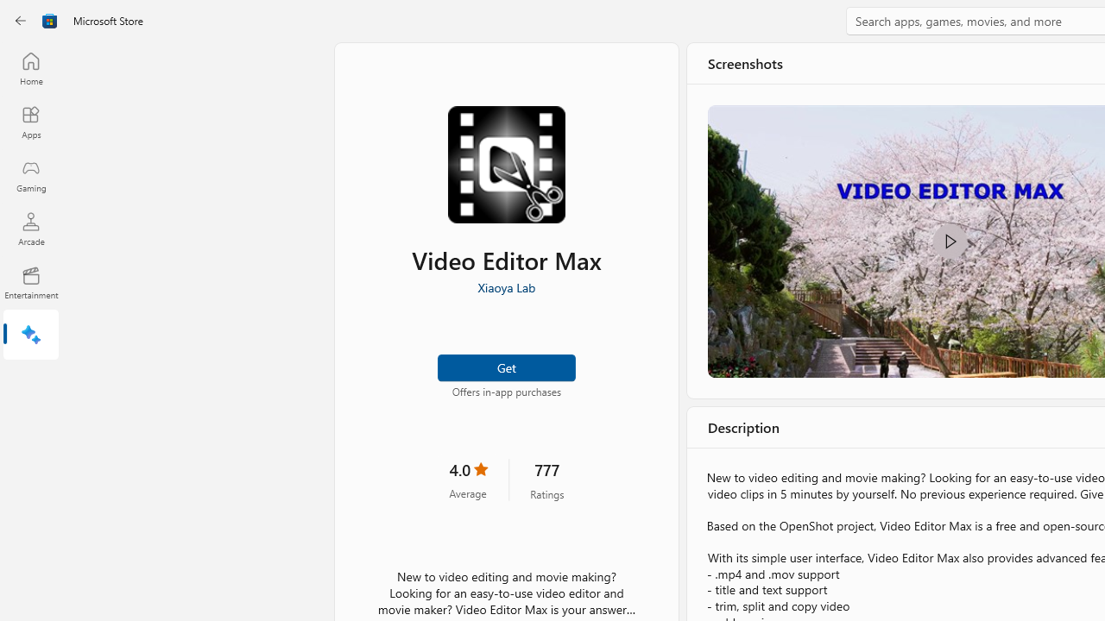 The width and height of the screenshot is (1105, 621). I want to click on 'Home', so click(30, 67).